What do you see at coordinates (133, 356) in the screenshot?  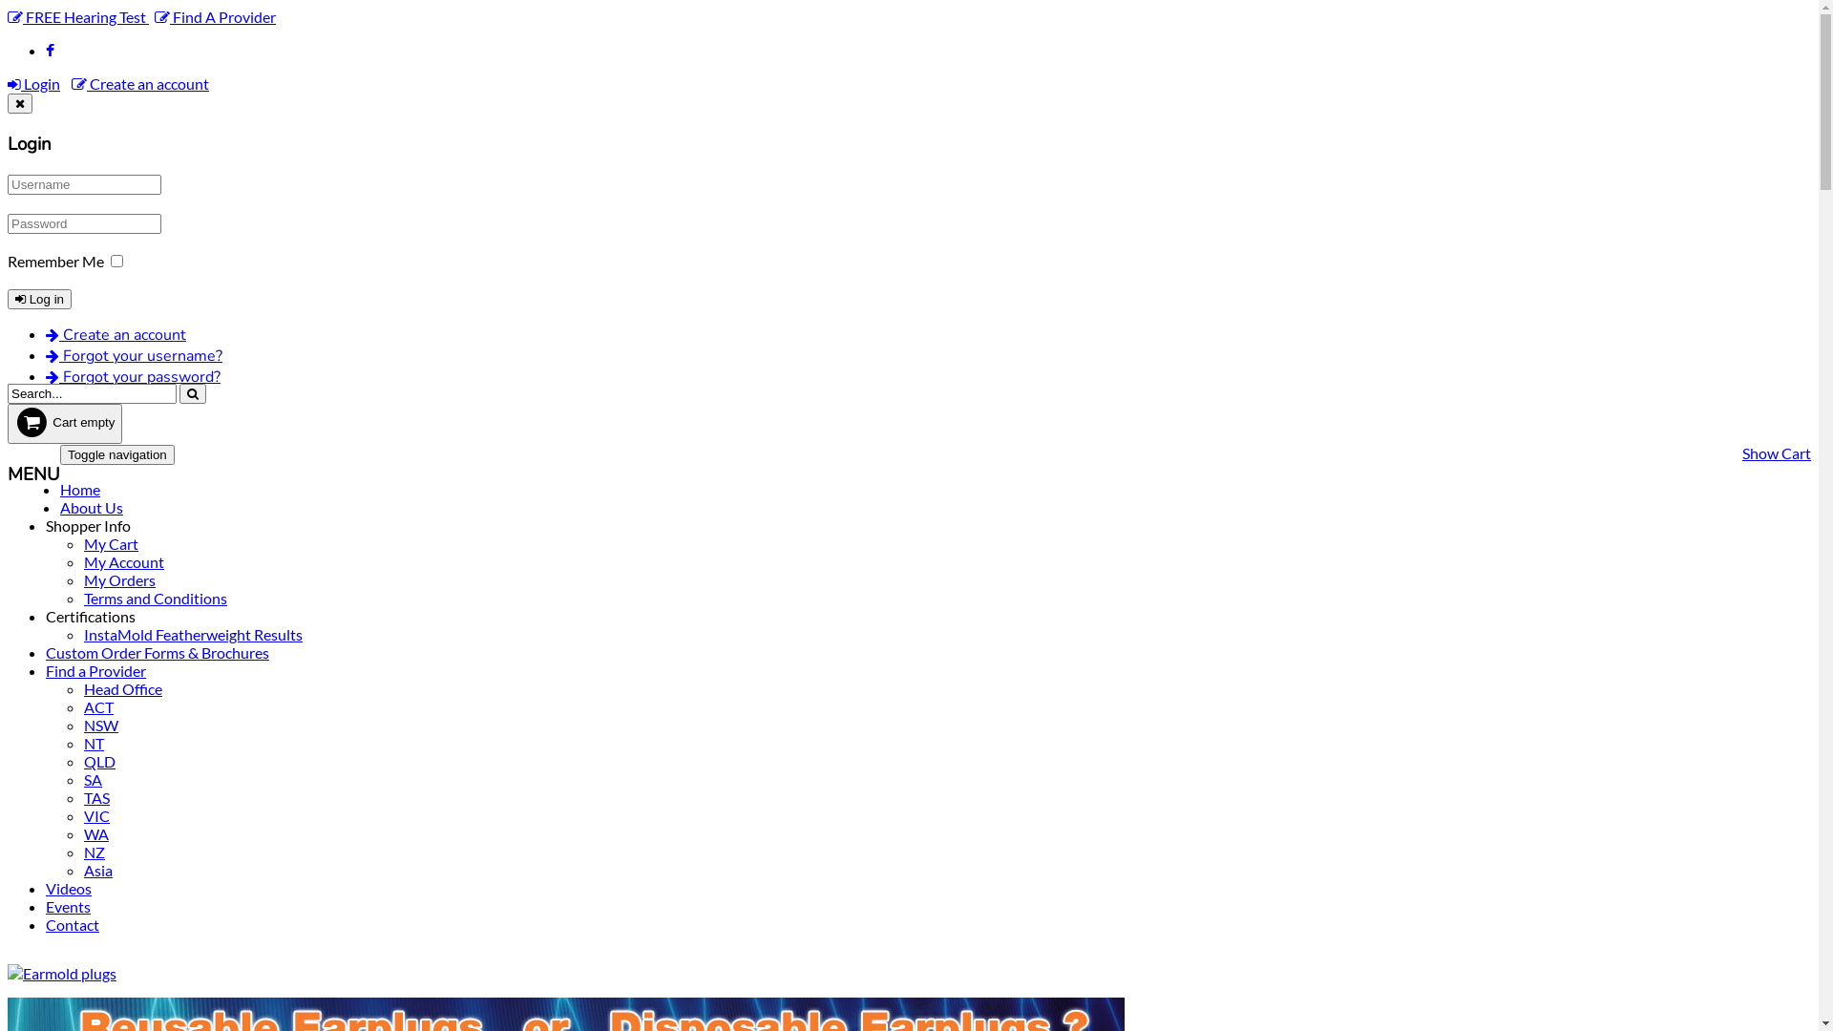 I see `'Forgot your username?'` at bounding box center [133, 356].